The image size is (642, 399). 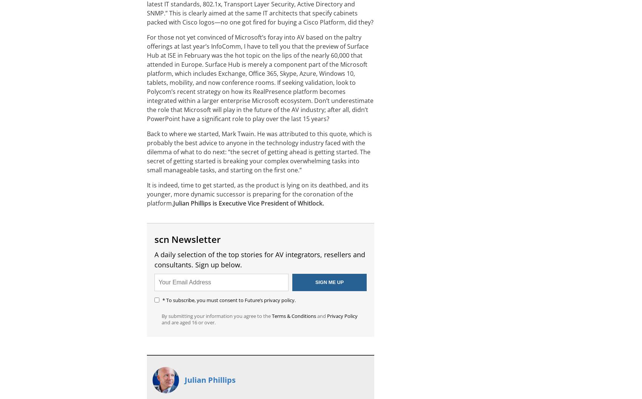 I want to click on 'and are aged 16 or over.', so click(x=188, y=322).